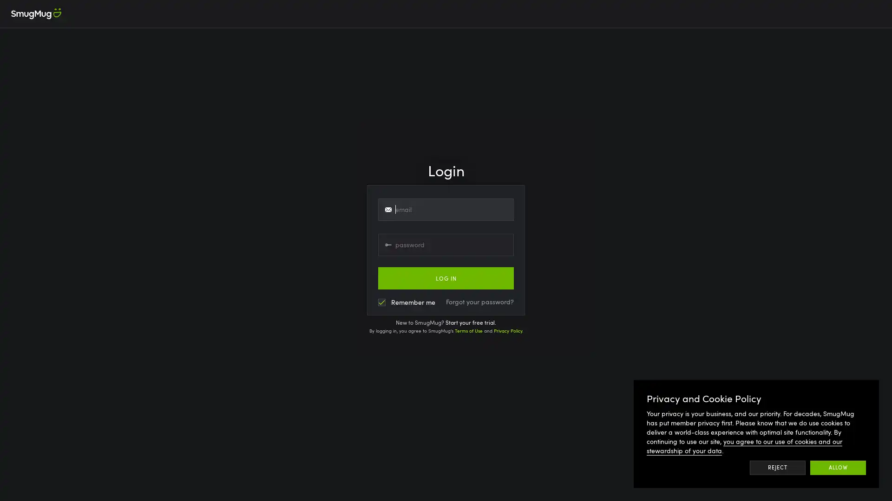 The image size is (892, 501). I want to click on LOG IN, so click(446, 278).